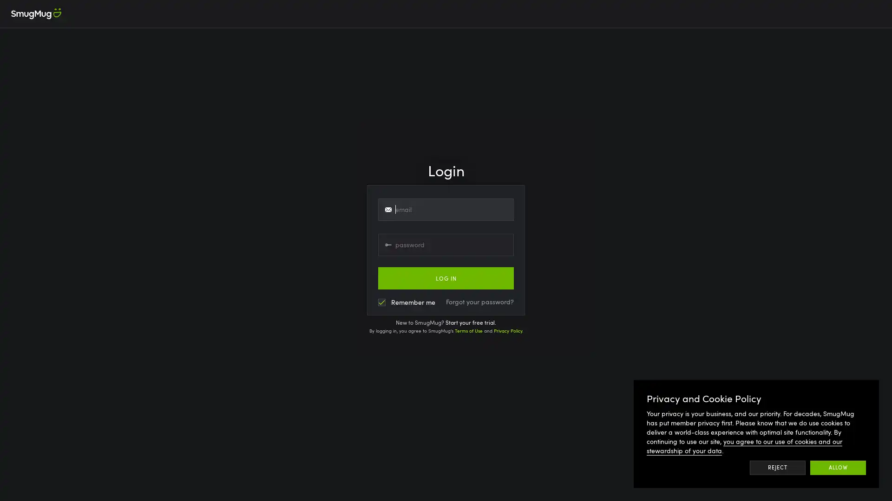 The image size is (892, 501). I want to click on LOG IN, so click(446, 278).